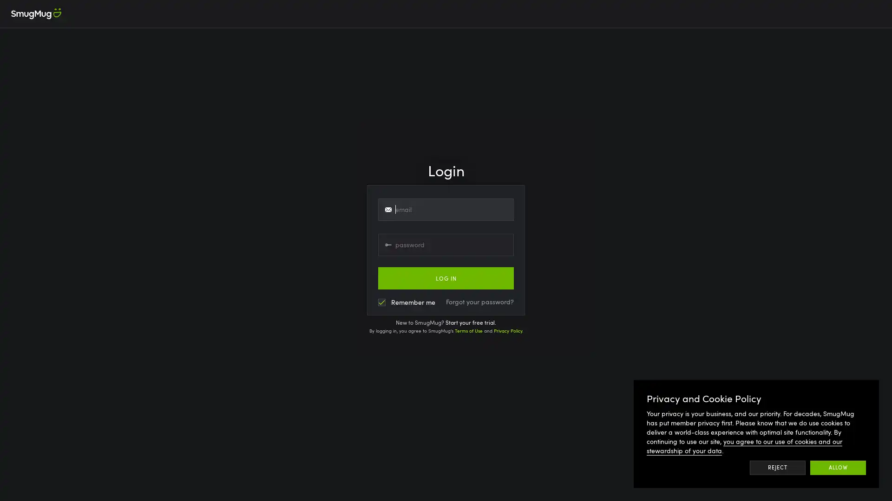 The image size is (892, 501). I want to click on LOG IN, so click(446, 278).